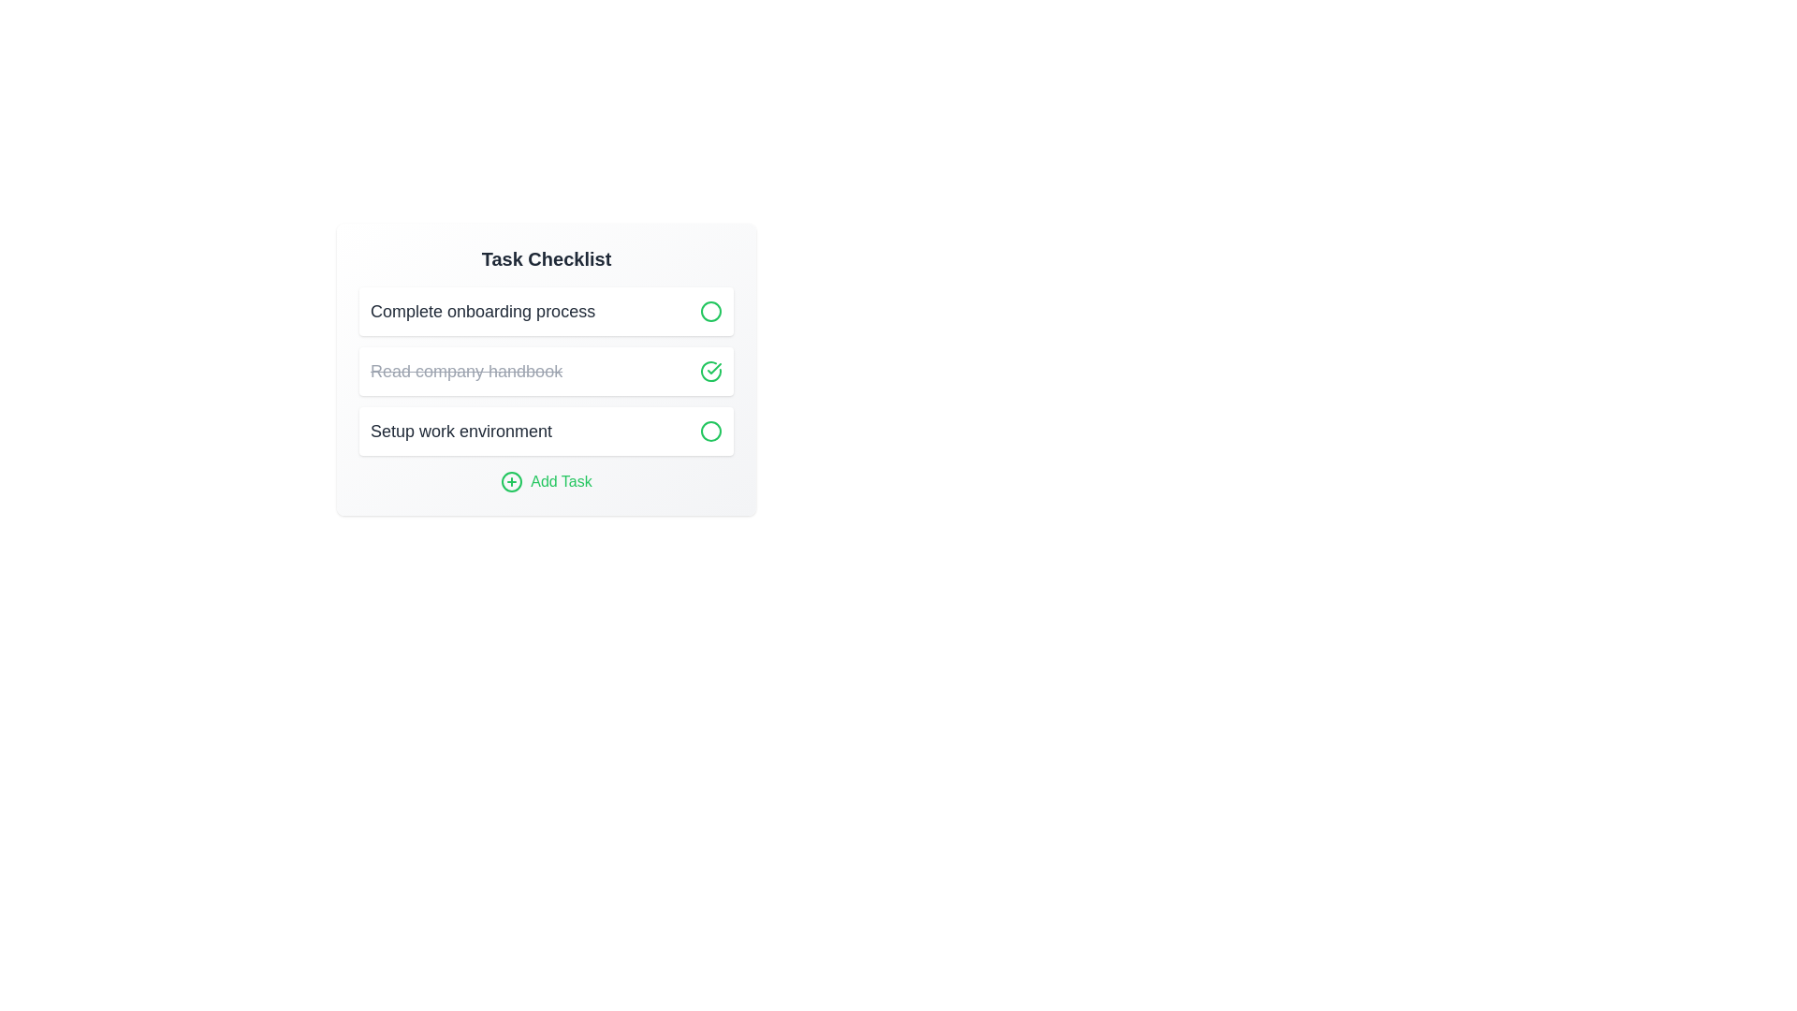 This screenshot has width=1797, height=1011. What do you see at coordinates (546, 481) in the screenshot?
I see `'Add Task' button to open the task addition interface` at bounding box center [546, 481].